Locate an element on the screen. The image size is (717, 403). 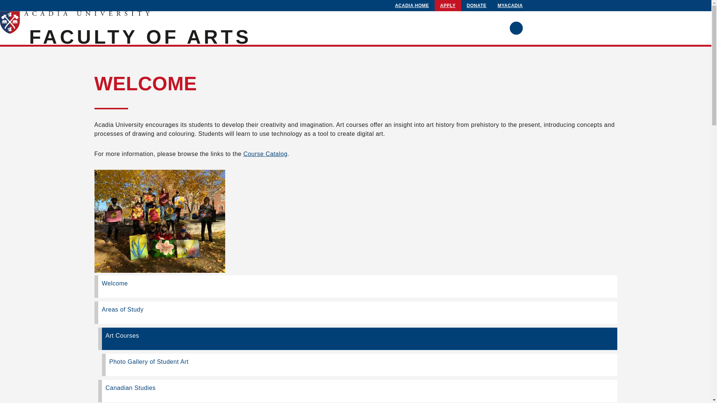
'MYACADIA' is located at coordinates (510, 6).